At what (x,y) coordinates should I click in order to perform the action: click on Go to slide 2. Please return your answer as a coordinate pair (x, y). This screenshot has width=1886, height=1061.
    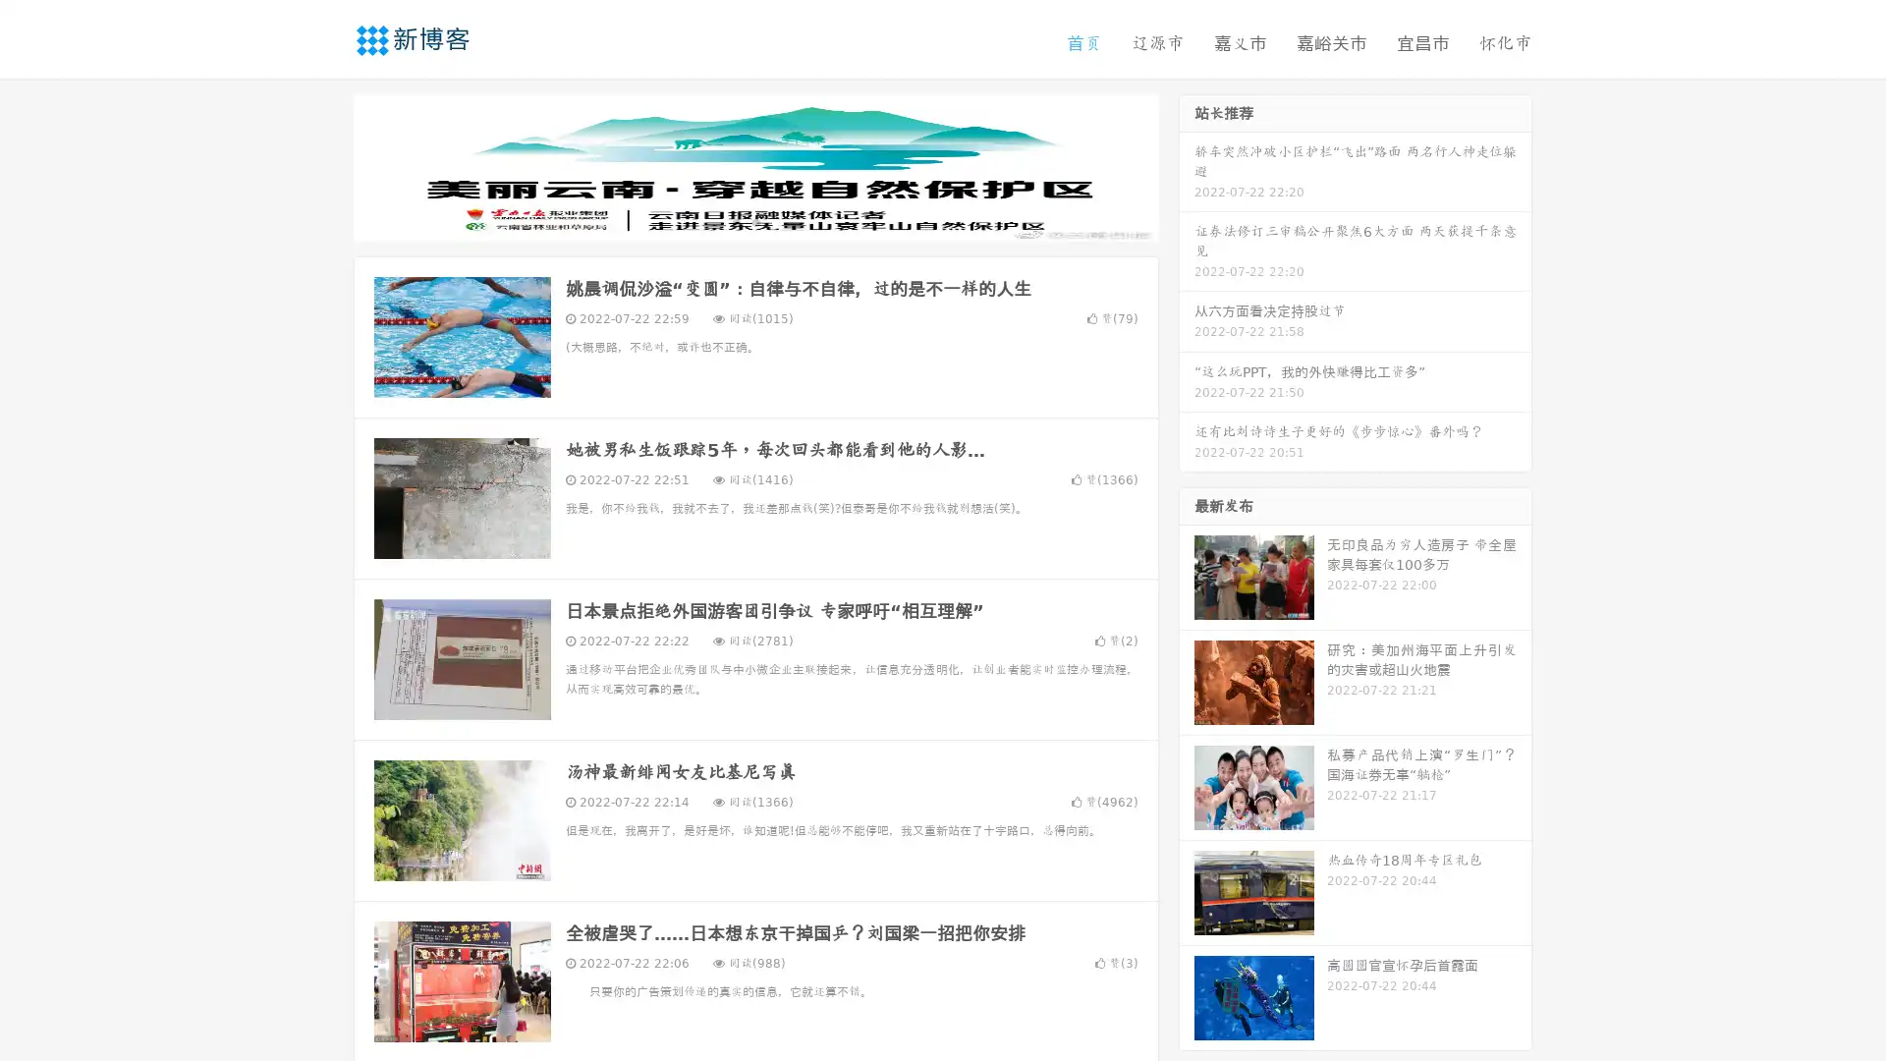
    Looking at the image, I should click on (754, 221).